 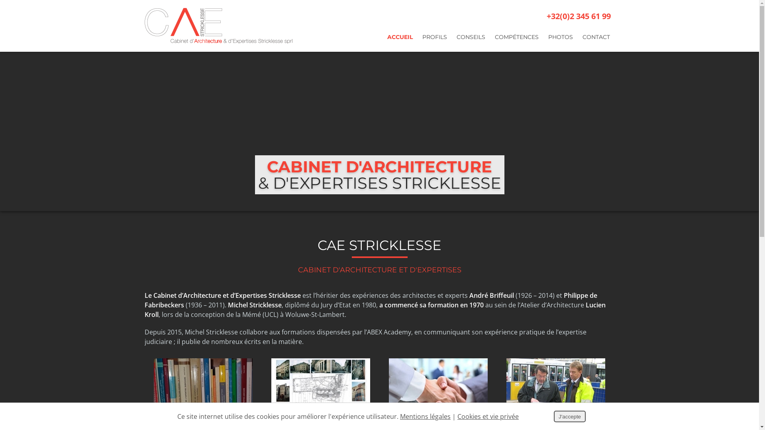 What do you see at coordinates (745, 235) in the screenshot?
I see `'Partager ce contenu'` at bounding box center [745, 235].